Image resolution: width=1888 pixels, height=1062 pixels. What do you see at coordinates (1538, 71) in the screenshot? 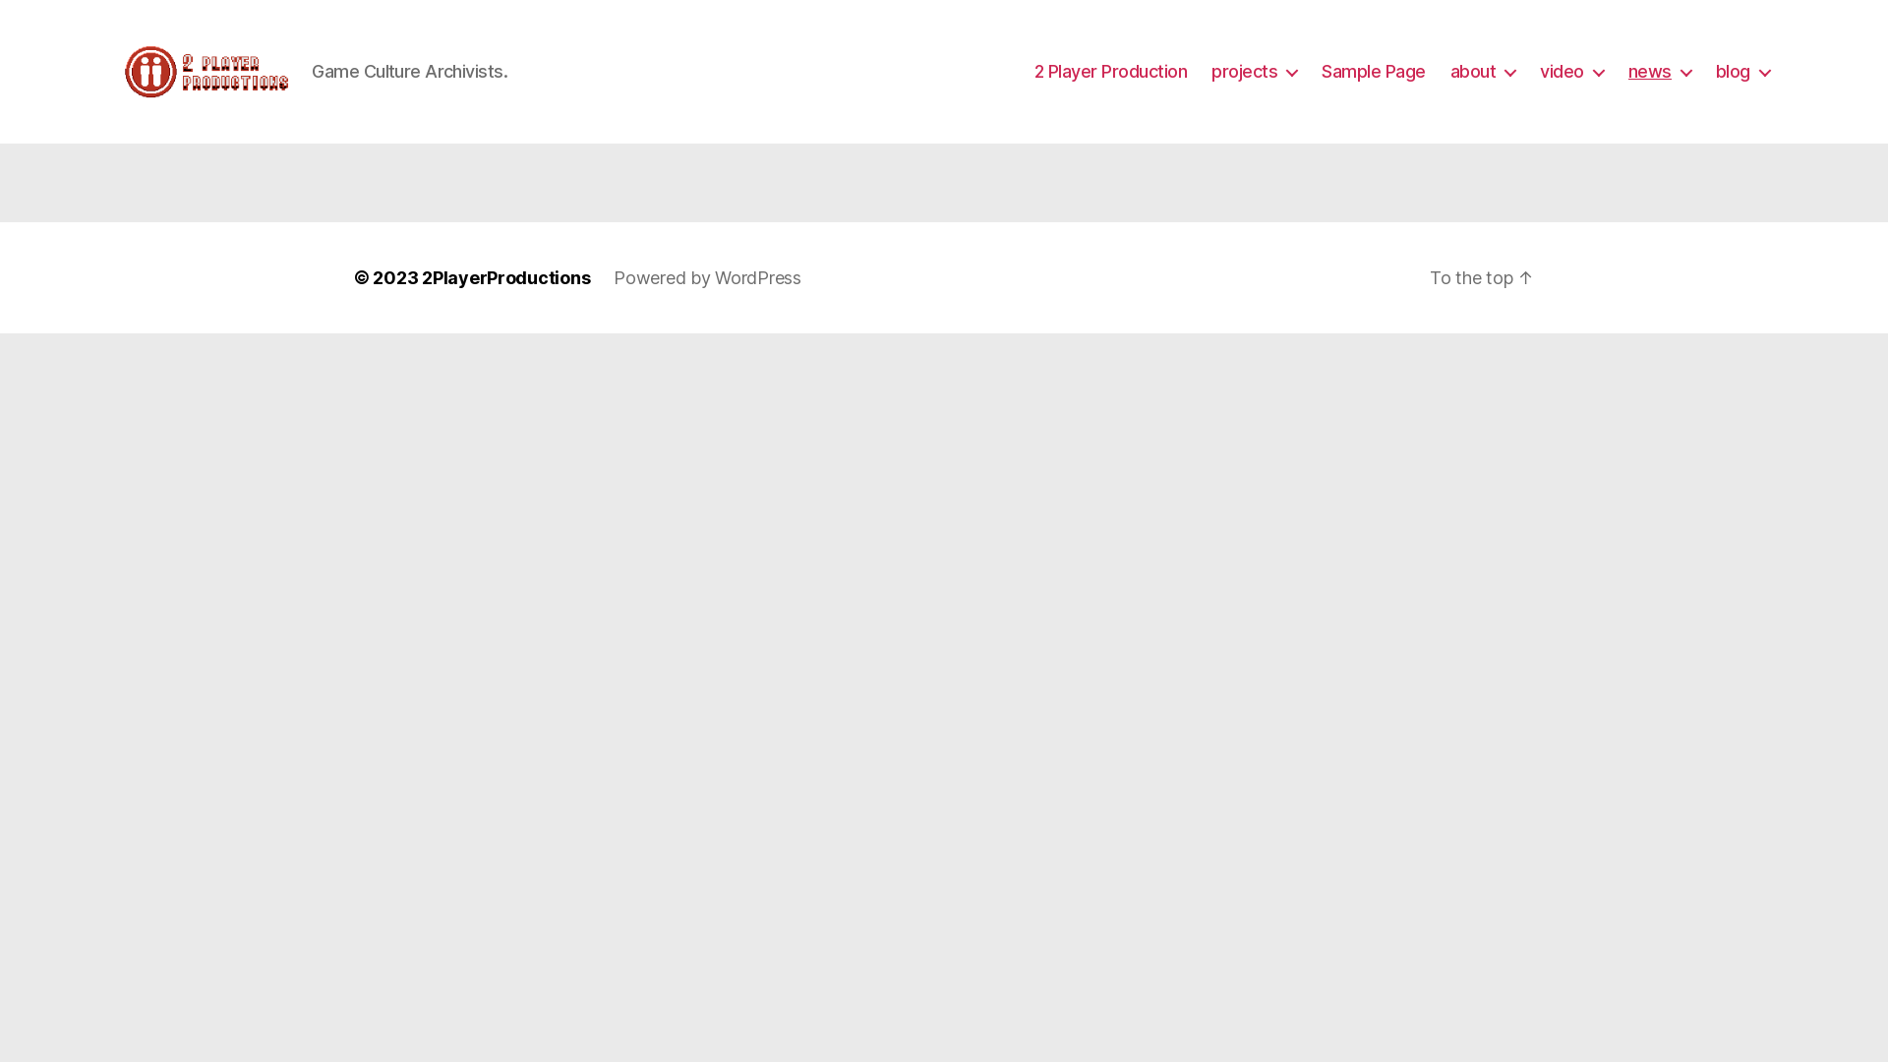
I see `'video'` at bounding box center [1538, 71].